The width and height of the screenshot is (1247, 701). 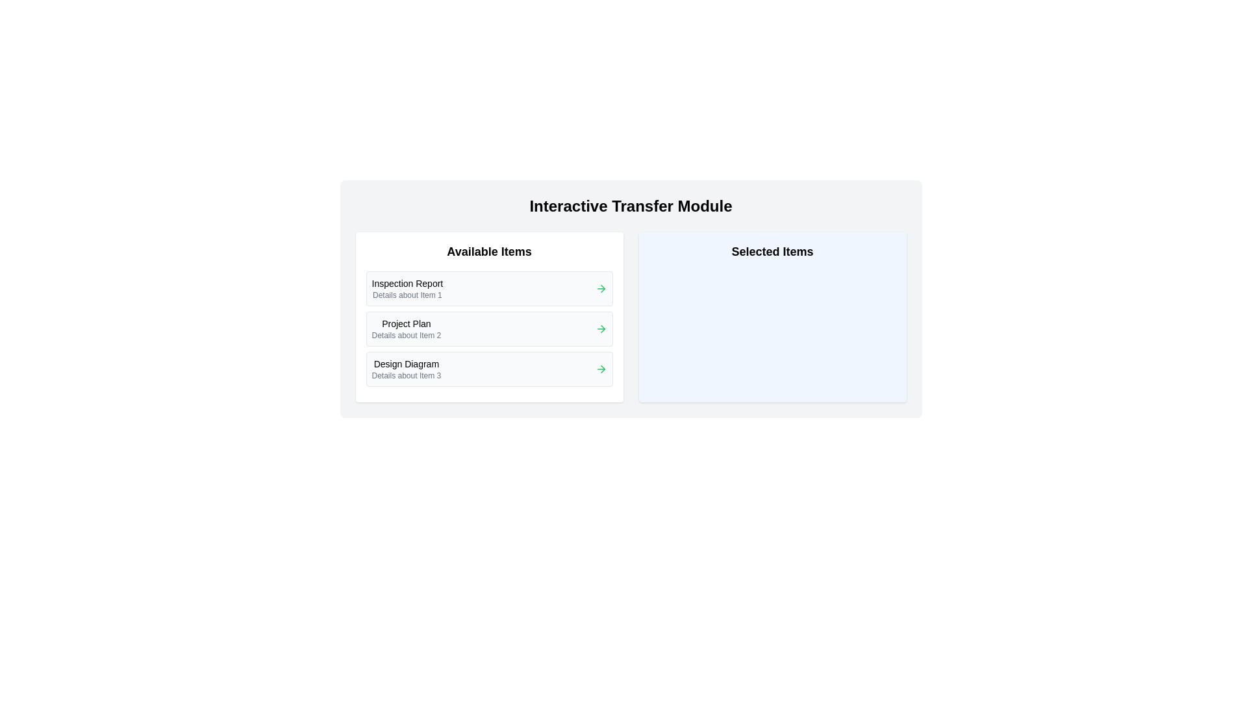 What do you see at coordinates (600, 369) in the screenshot?
I see `the clickable icon (action button) located on the right side of the 'Design Diagram' entry in the 'Available Items' panel to initiate an action` at bounding box center [600, 369].